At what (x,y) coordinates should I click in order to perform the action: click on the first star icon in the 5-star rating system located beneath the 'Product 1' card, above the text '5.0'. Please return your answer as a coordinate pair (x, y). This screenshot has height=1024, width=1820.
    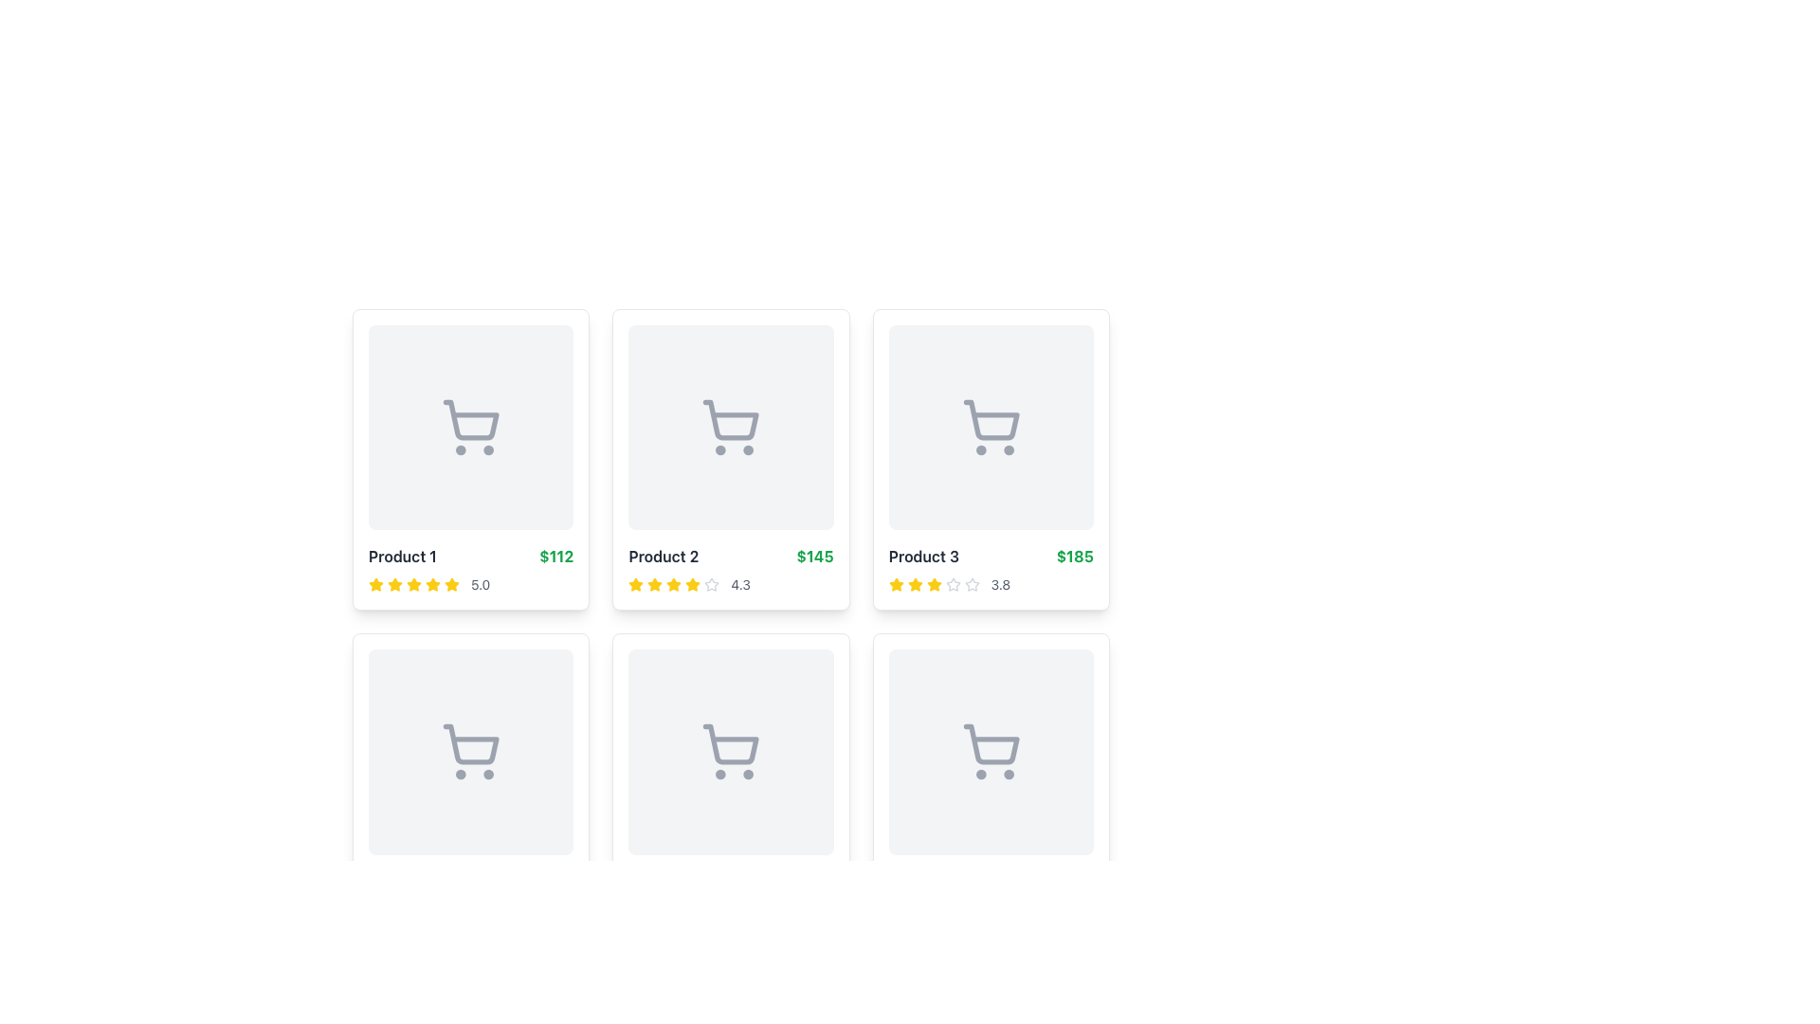
    Looking at the image, I should click on (394, 584).